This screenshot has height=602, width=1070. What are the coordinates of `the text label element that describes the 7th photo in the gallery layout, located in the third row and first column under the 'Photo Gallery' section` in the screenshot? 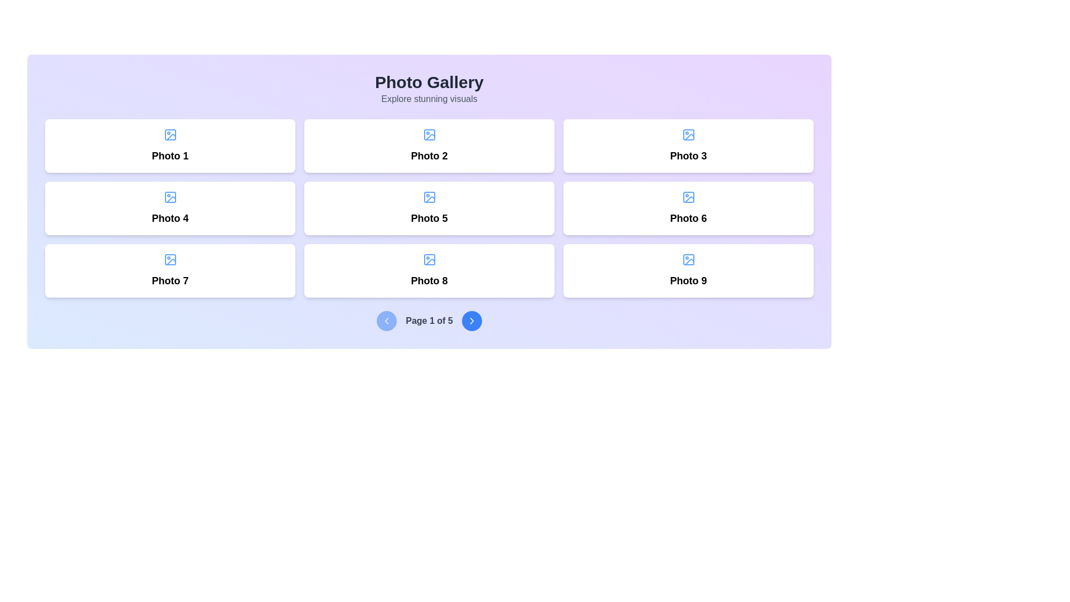 It's located at (169, 280).